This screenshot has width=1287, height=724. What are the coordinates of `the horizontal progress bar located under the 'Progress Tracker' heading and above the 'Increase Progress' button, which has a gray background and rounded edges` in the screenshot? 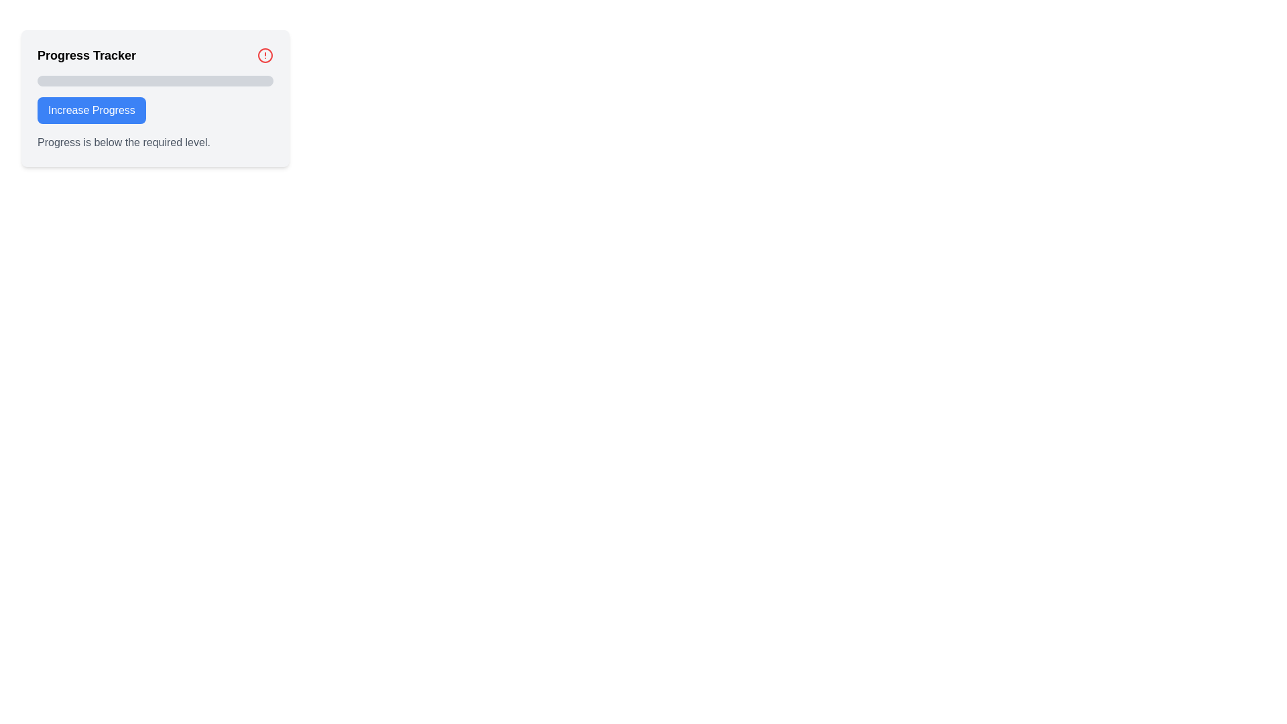 It's located at (155, 80).